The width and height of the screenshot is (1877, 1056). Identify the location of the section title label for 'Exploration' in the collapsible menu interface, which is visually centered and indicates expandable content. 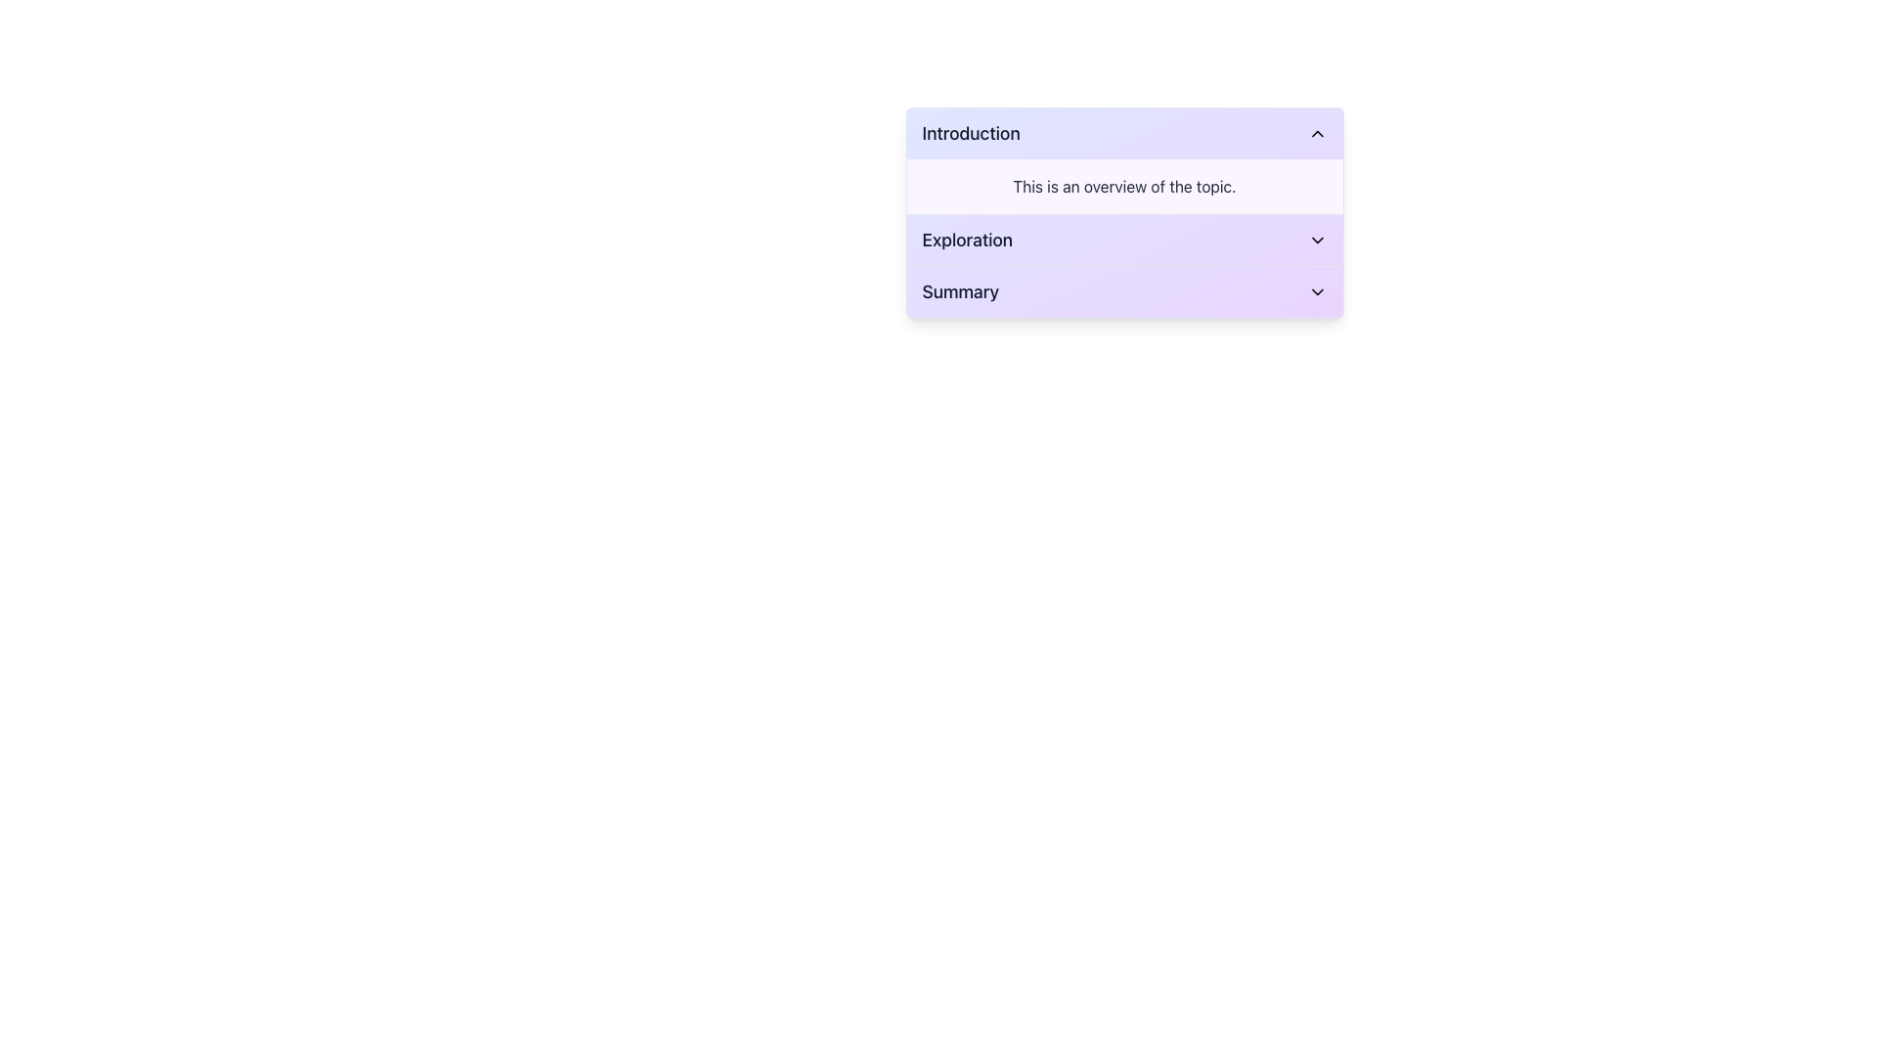
(967, 240).